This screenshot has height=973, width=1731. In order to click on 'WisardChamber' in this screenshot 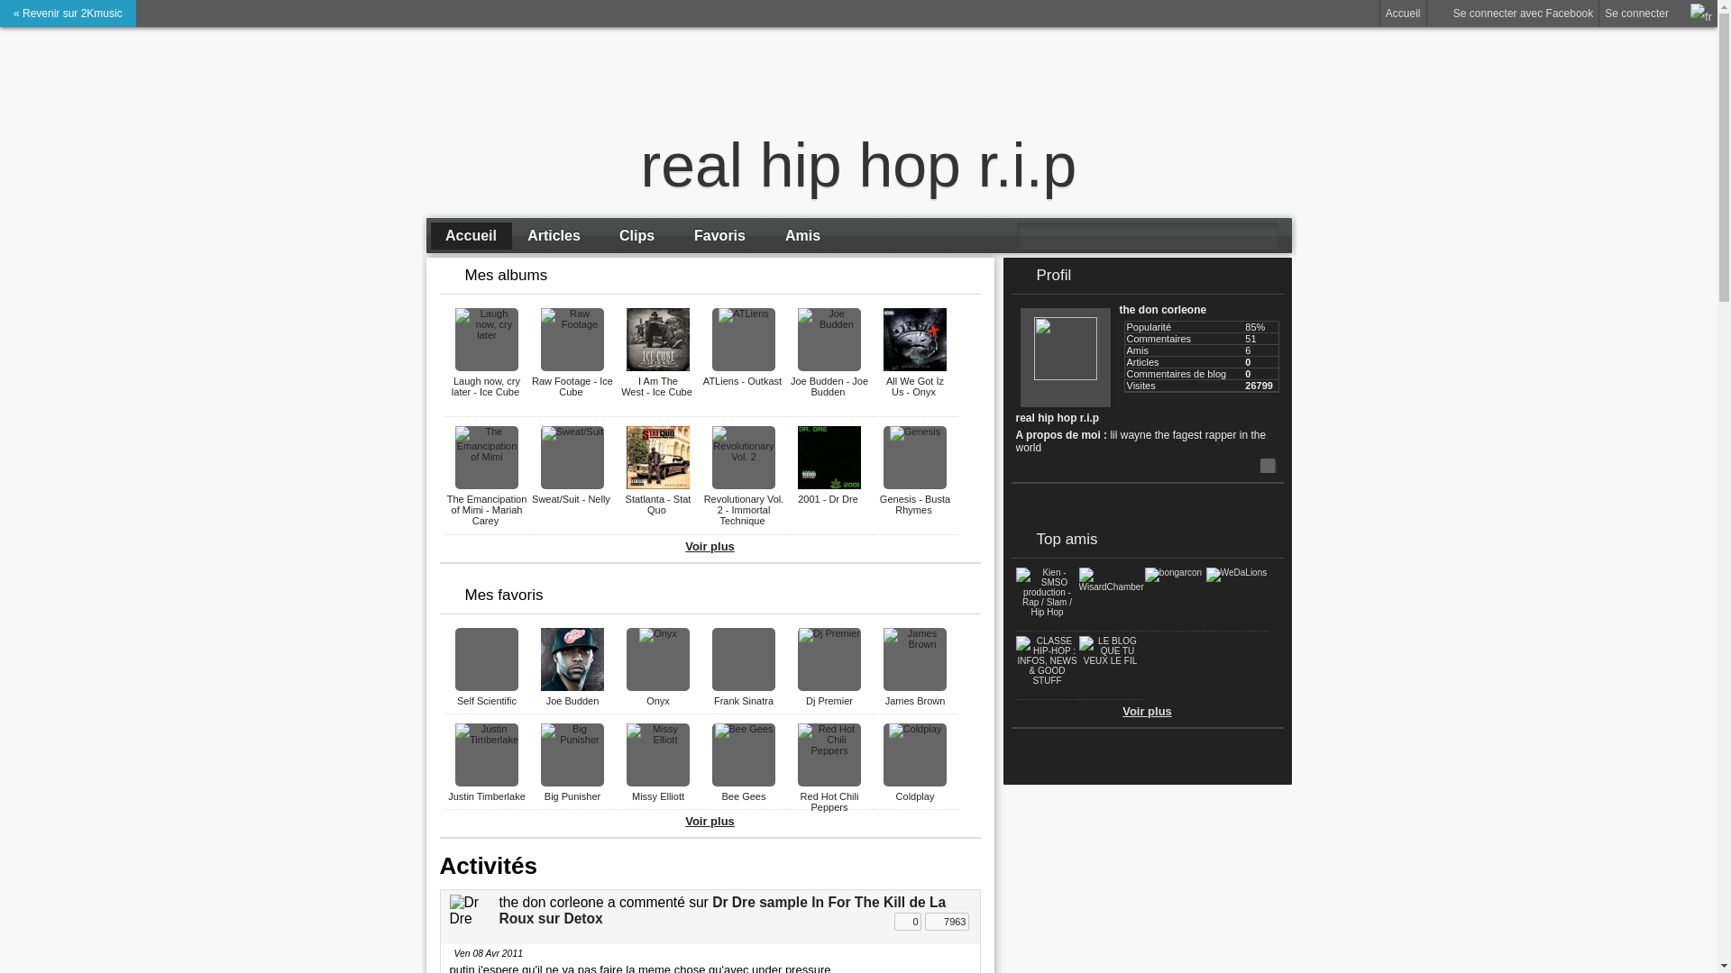, I will do `click(1110, 587)`.